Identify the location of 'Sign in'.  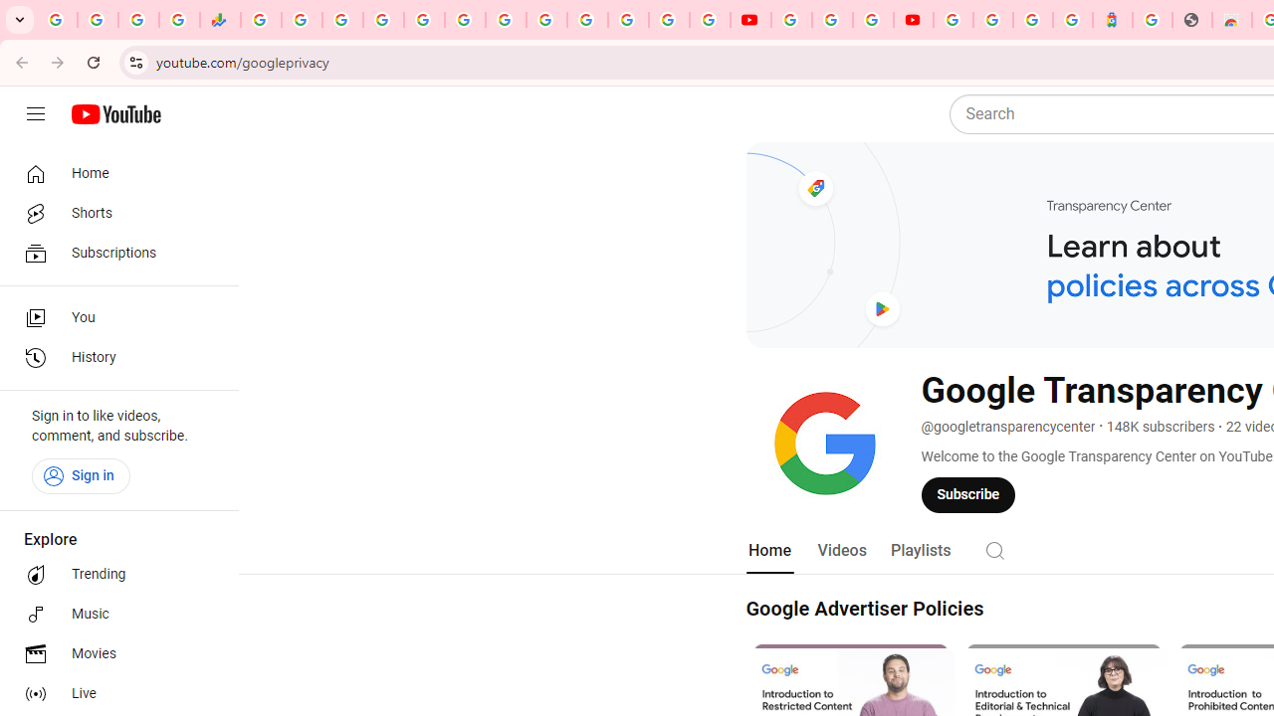
(80, 475).